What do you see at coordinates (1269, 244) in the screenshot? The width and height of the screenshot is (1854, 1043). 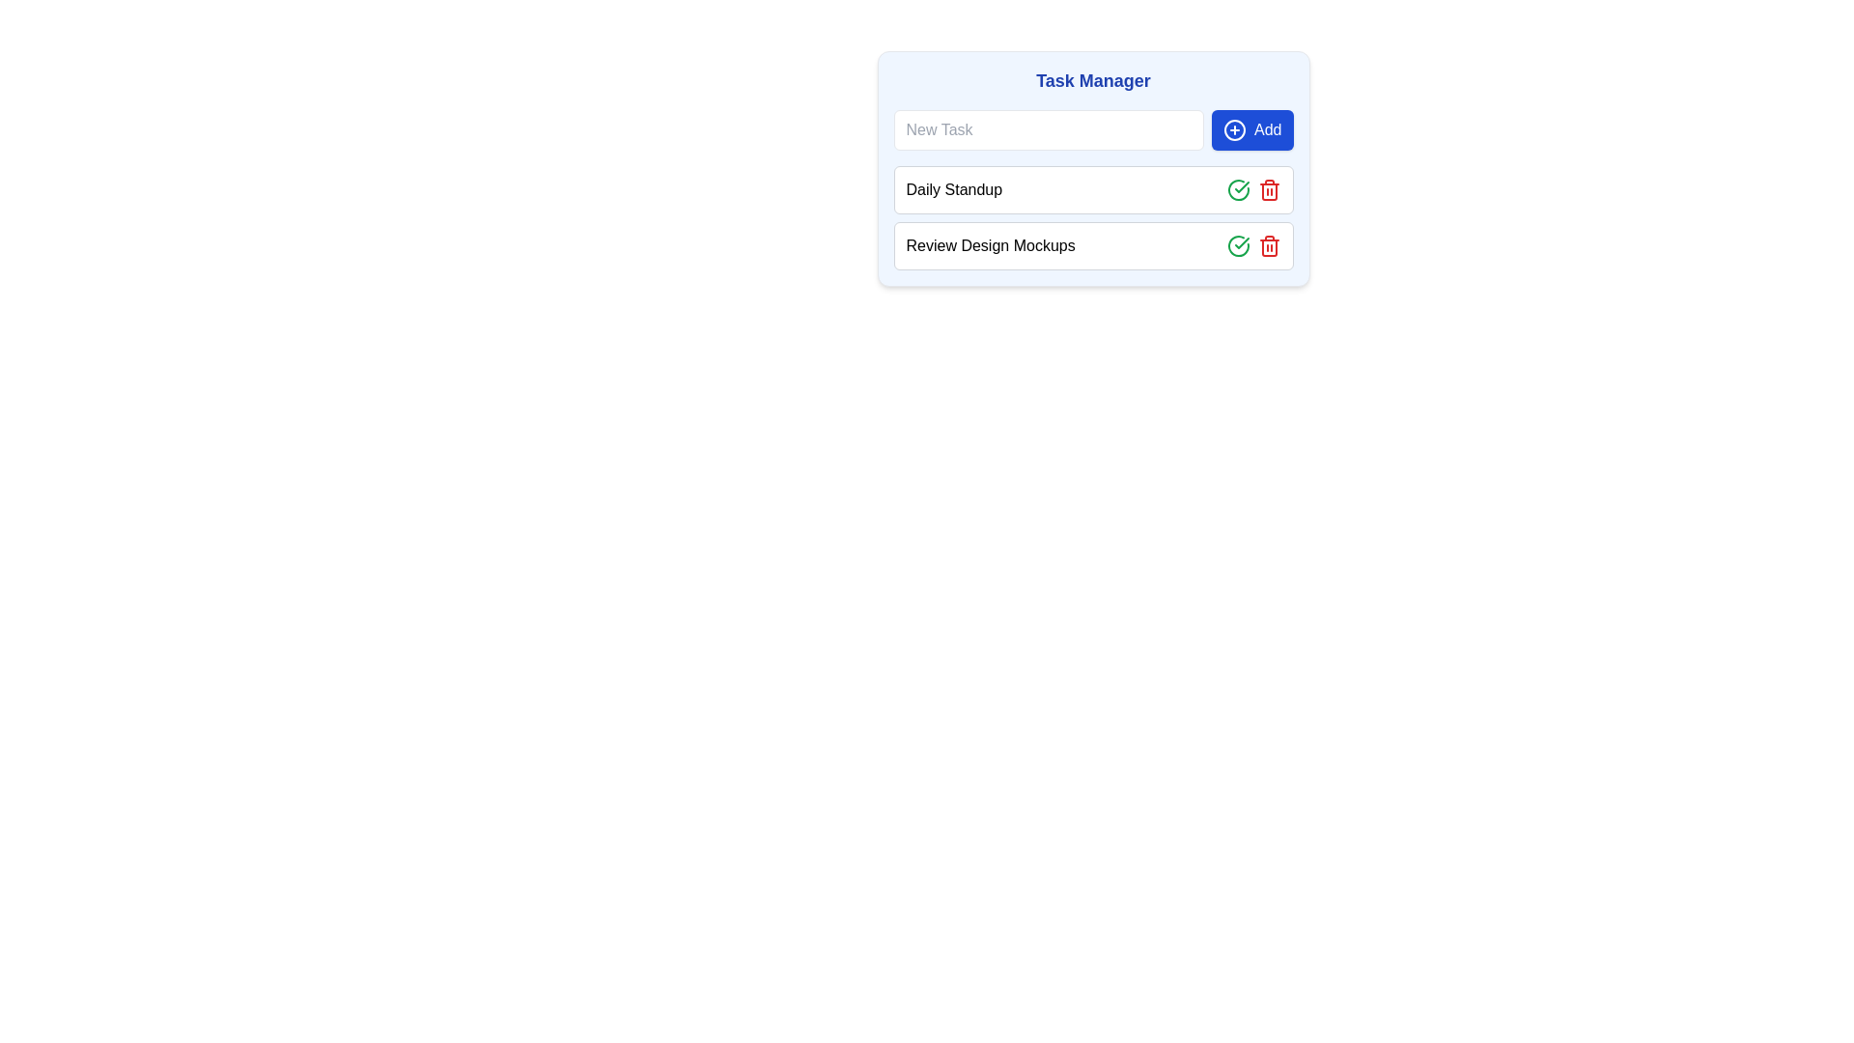 I see `the delete icon, which is the second interactive icon in the second task row` at bounding box center [1269, 244].